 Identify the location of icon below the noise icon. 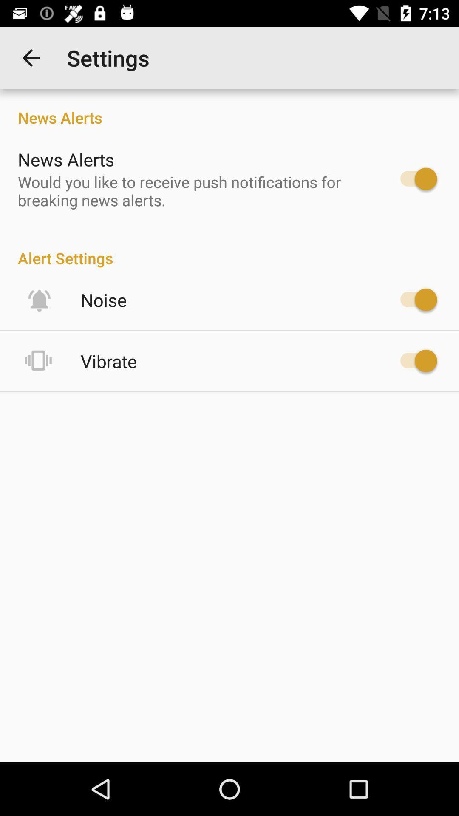
(108, 361).